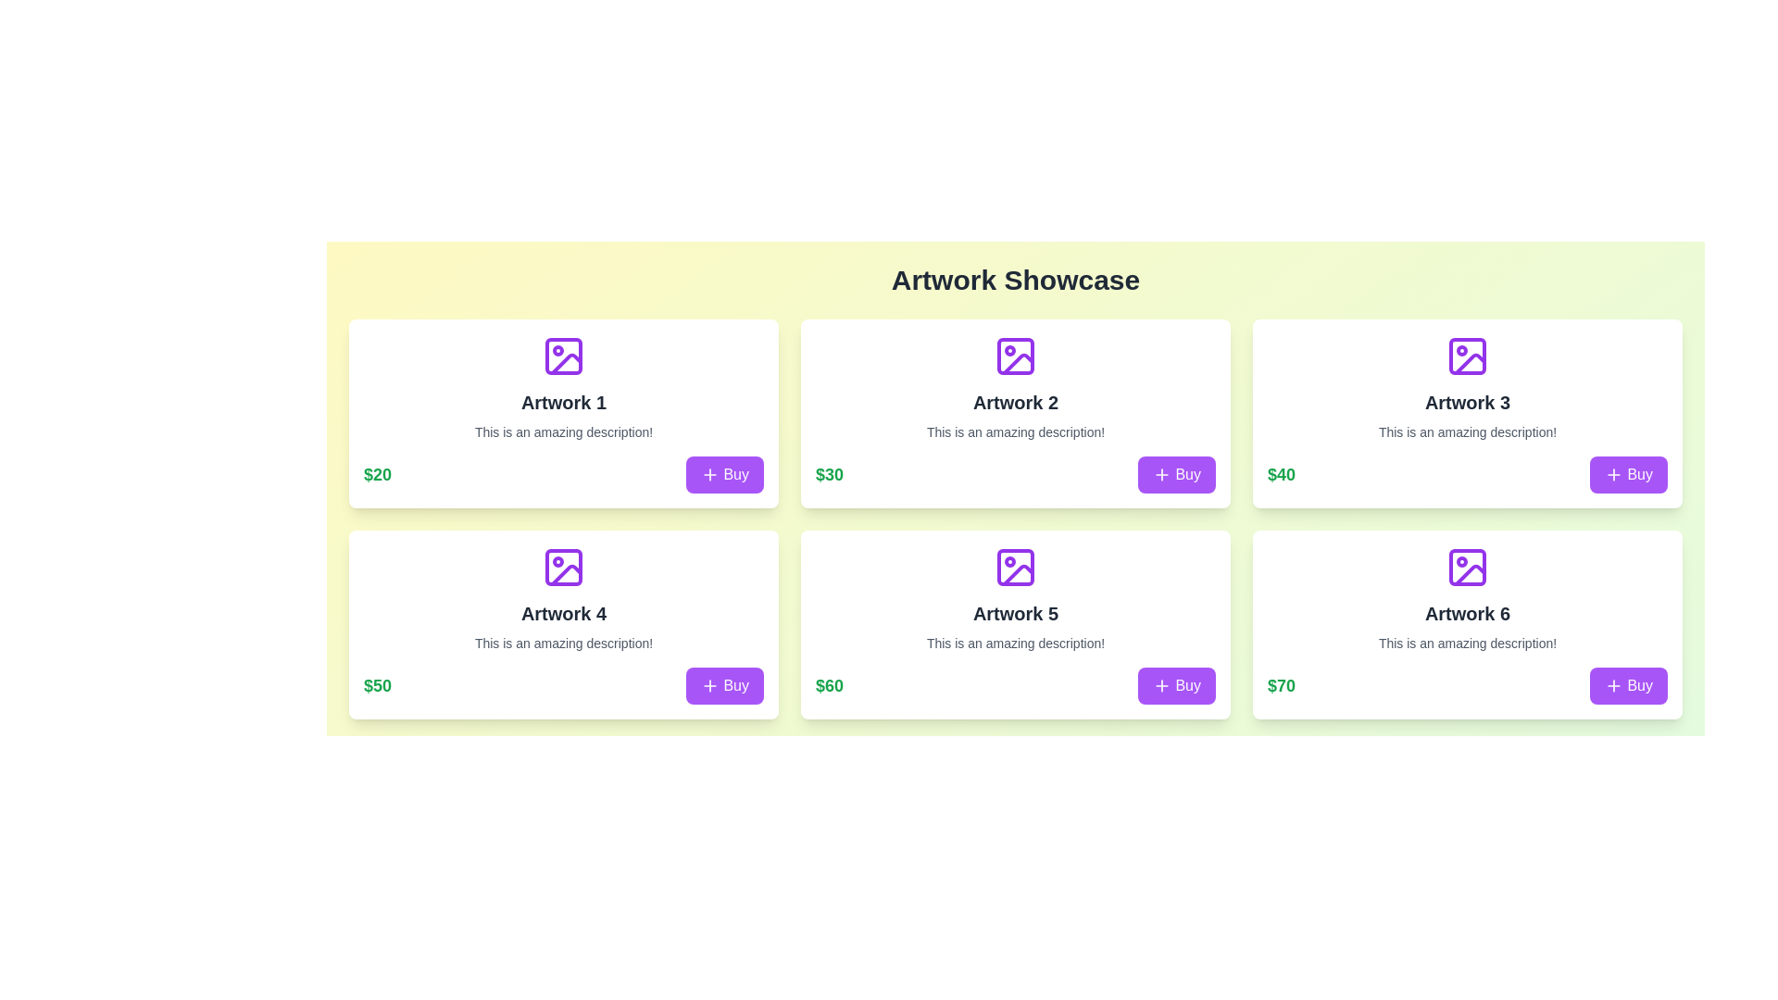 The image size is (1778, 1000). I want to click on the Header text element located at the top-center of the page, which serves as the title for the artwork showcase, so click(1015, 281).